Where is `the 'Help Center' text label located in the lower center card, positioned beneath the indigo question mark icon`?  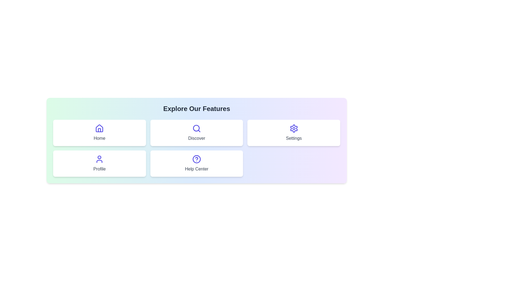 the 'Help Center' text label located in the lower center card, positioned beneath the indigo question mark icon is located at coordinates (196, 169).